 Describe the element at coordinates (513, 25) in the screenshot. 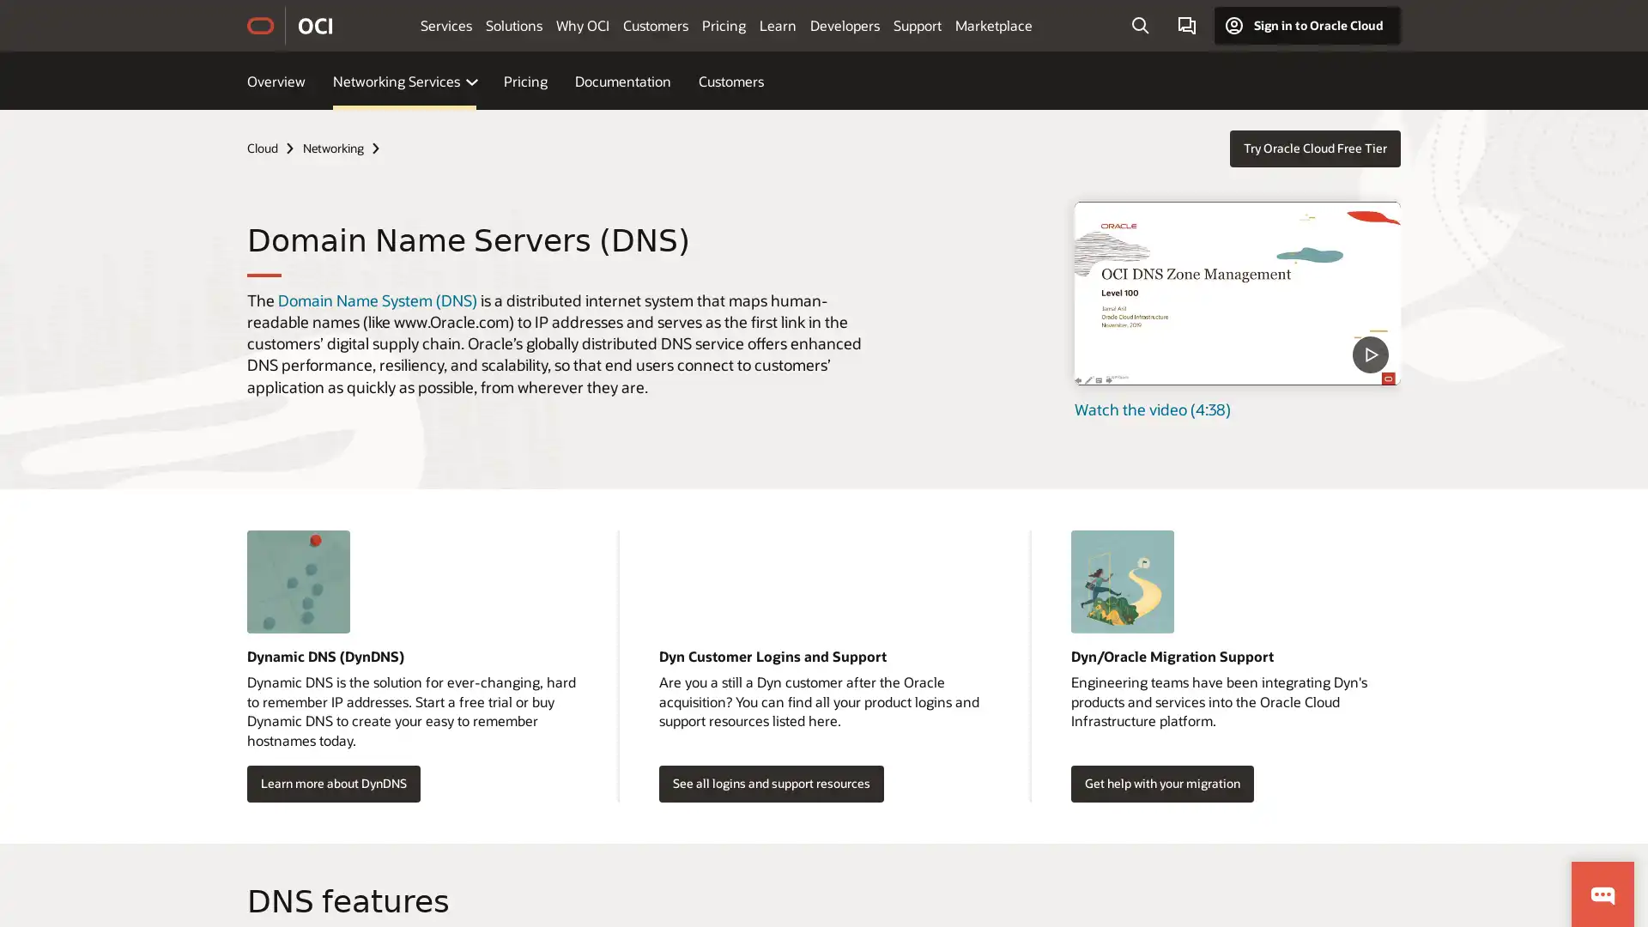

I see `Solutions` at that location.